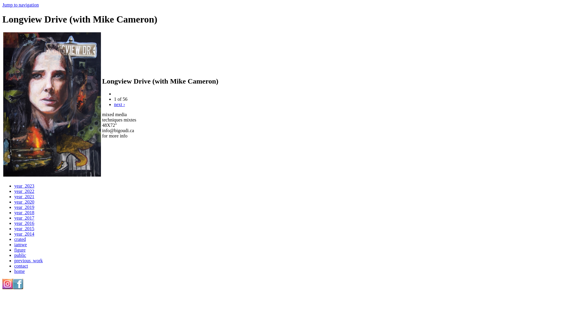  What do you see at coordinates (20, 5) in the screenshot?
I see `'Jump to navigation'` at bounding box center [20, 5].